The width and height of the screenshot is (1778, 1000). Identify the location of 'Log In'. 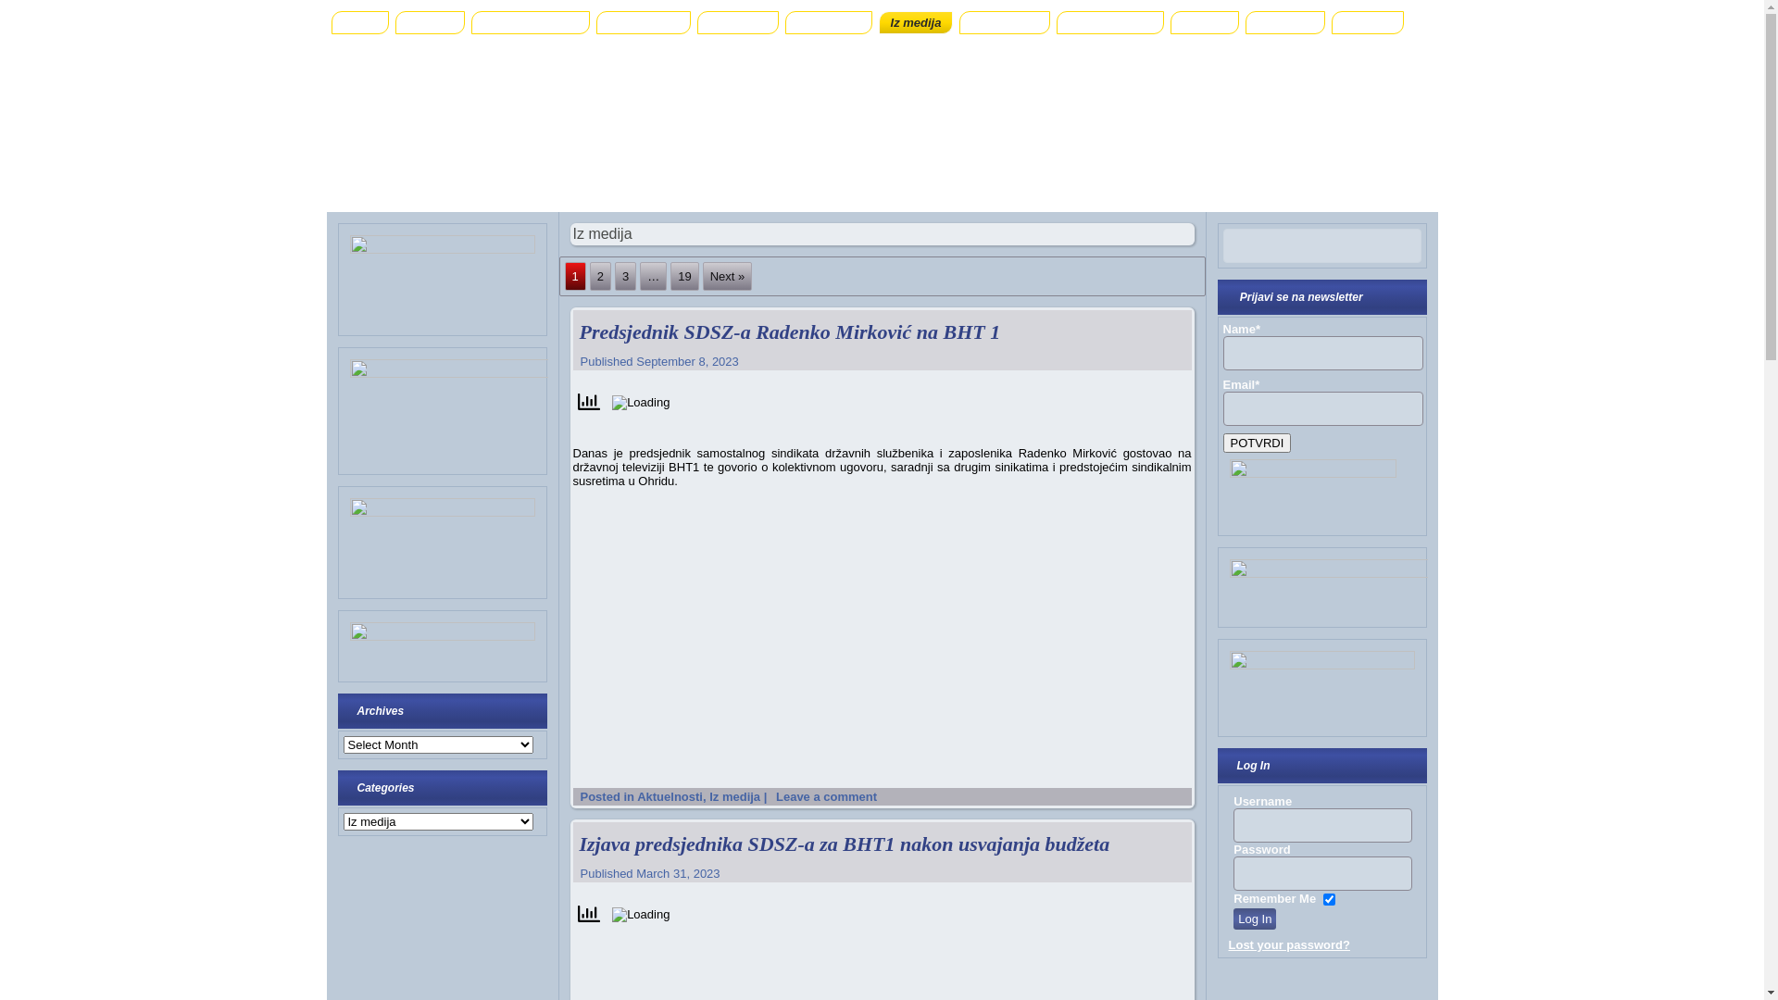
(1233, 919).